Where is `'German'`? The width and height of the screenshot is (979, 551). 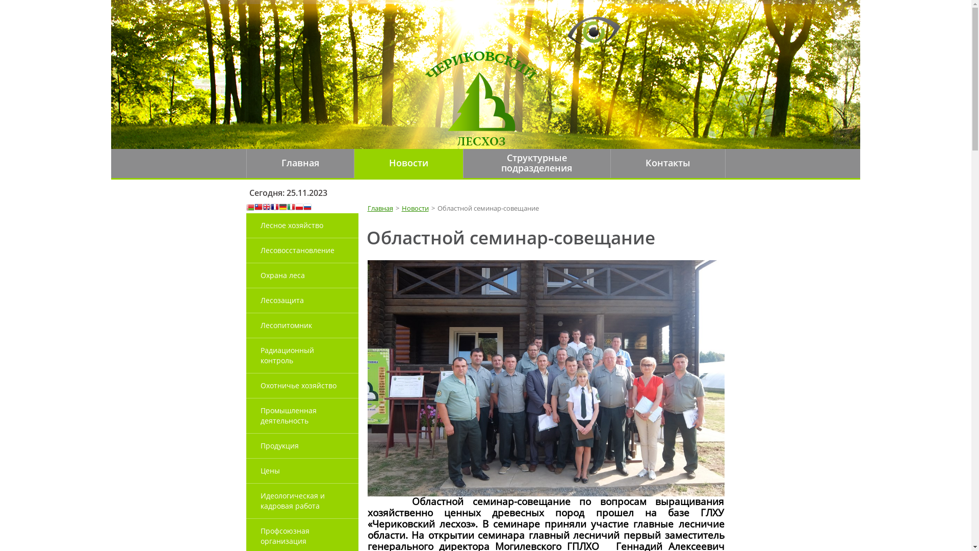 'German' is located at coordinates (278, 207).